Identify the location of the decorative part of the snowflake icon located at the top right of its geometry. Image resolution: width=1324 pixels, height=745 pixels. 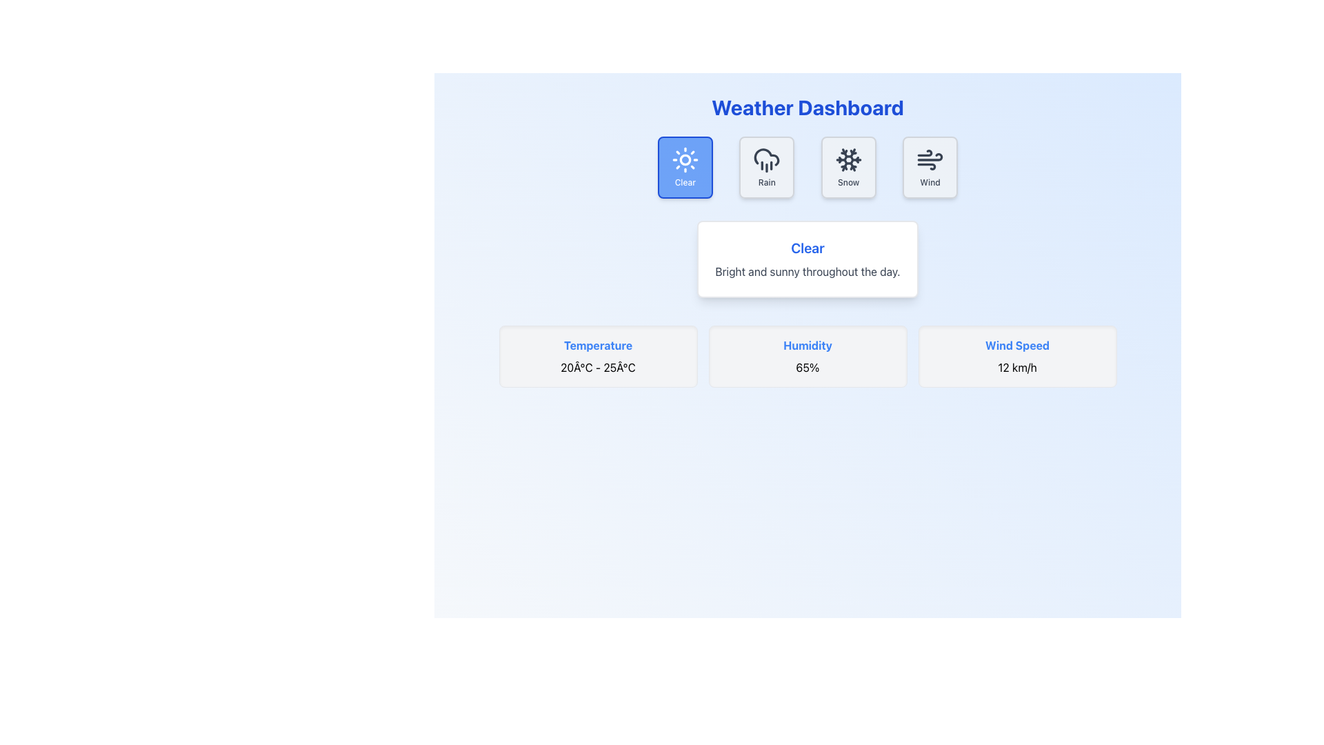
(852, 155).